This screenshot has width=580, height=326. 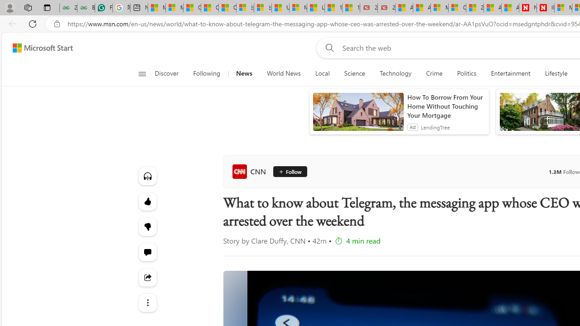 What do you see at coordinates (358, 115) in the screenshot?
I see `'anim-content'` at bounding box center [358, 115].